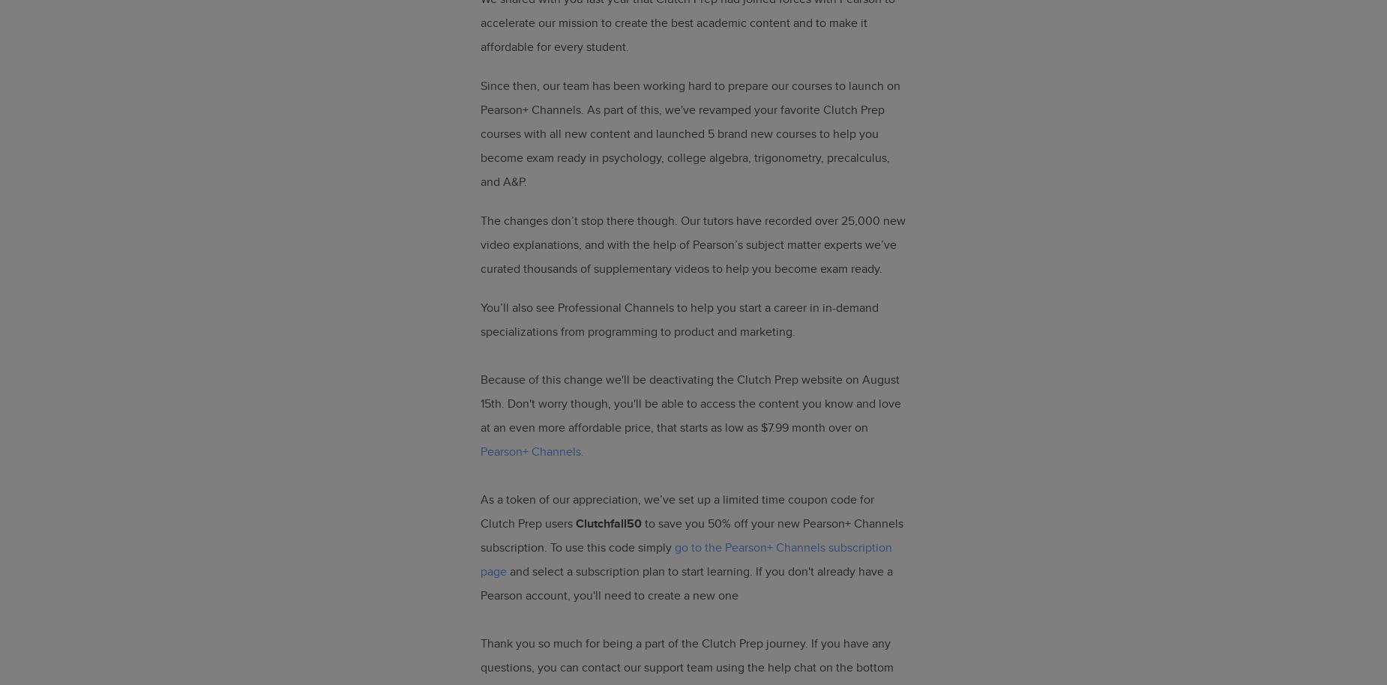 The image size is (1387, 685). I want to click on 'The changes don’t stop there though. Our tutors have recorded over 25,000 new video explanations, and with the help of Pearson’s subject matter experts we’ve curated thousands of supplementary videos to help you become exam ready.', so click(693, 244).